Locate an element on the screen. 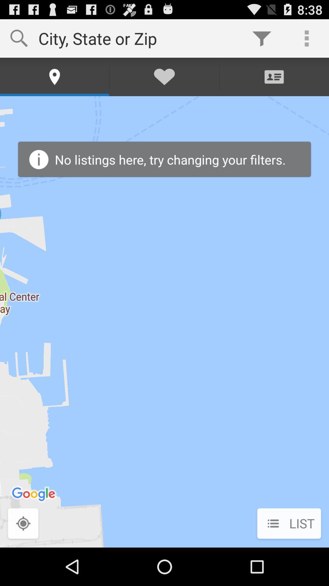 This screenshot has width=329, height=586. list at the bottom right corner is located at coordinates (289, 524).